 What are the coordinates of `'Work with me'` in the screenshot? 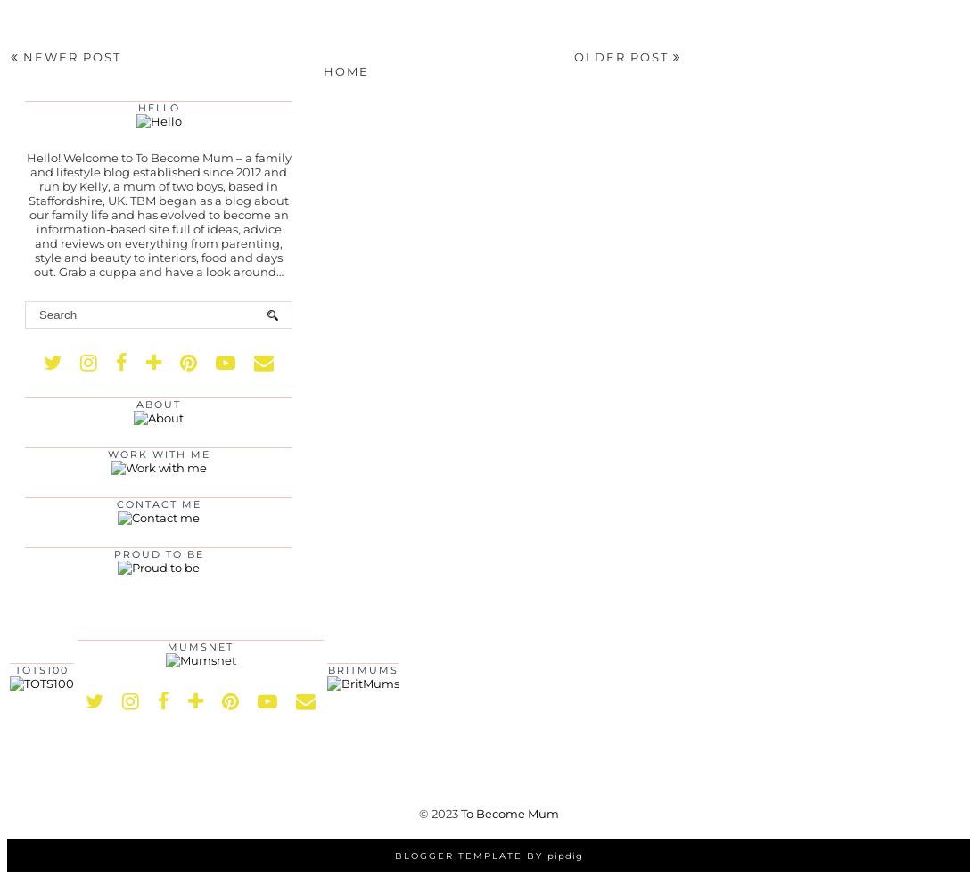 It's located at (157, 454).